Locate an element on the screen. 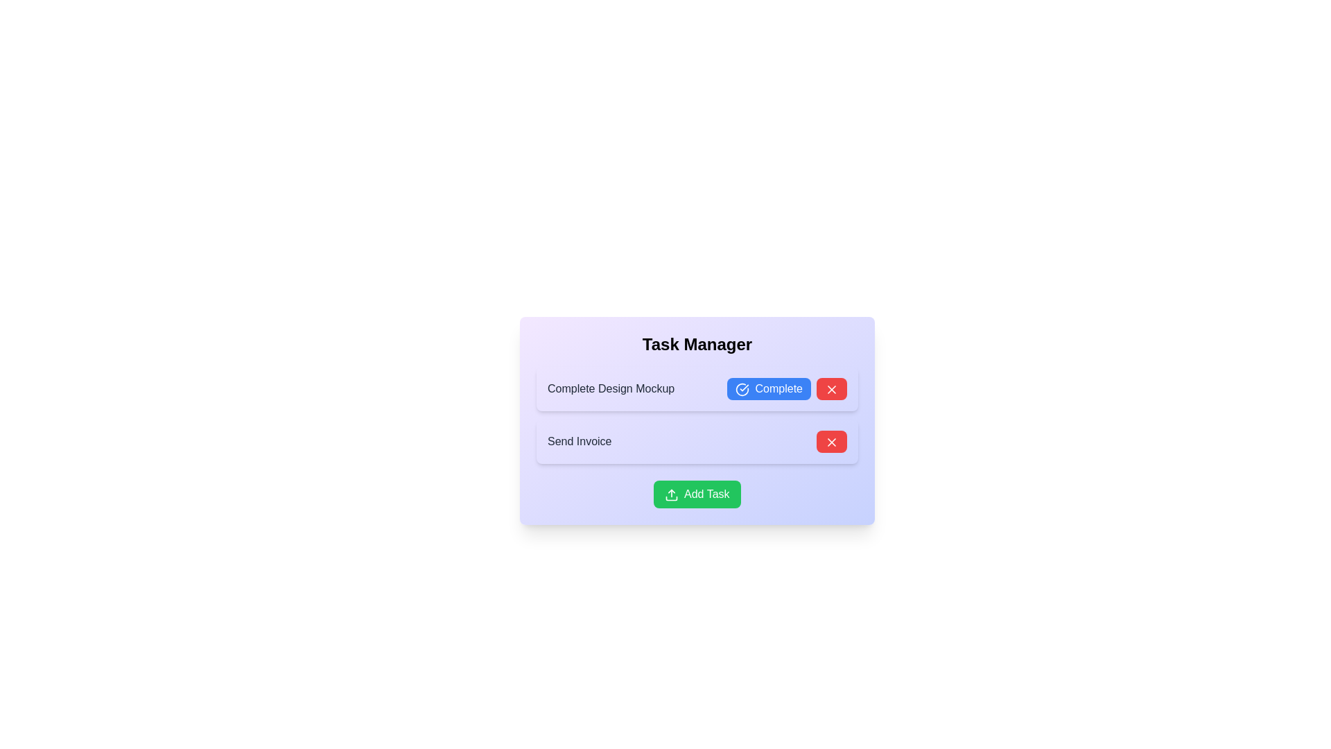  task label 'Send Invoice' from the second task entry in the task list, which has a light background and a red button with a white 'X' icon is located at coordinates (697, 441).